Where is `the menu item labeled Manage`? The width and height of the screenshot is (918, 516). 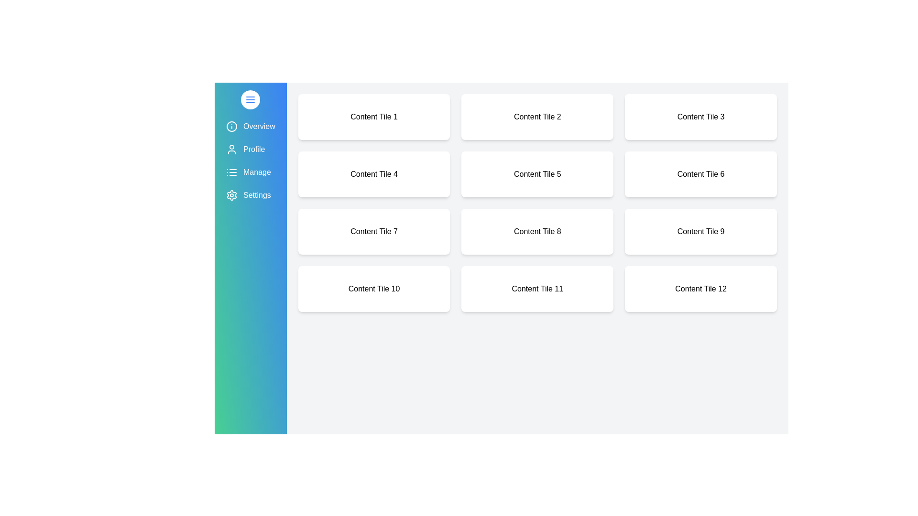
the menu item labeled Manage is located at coordinates (251, 172).